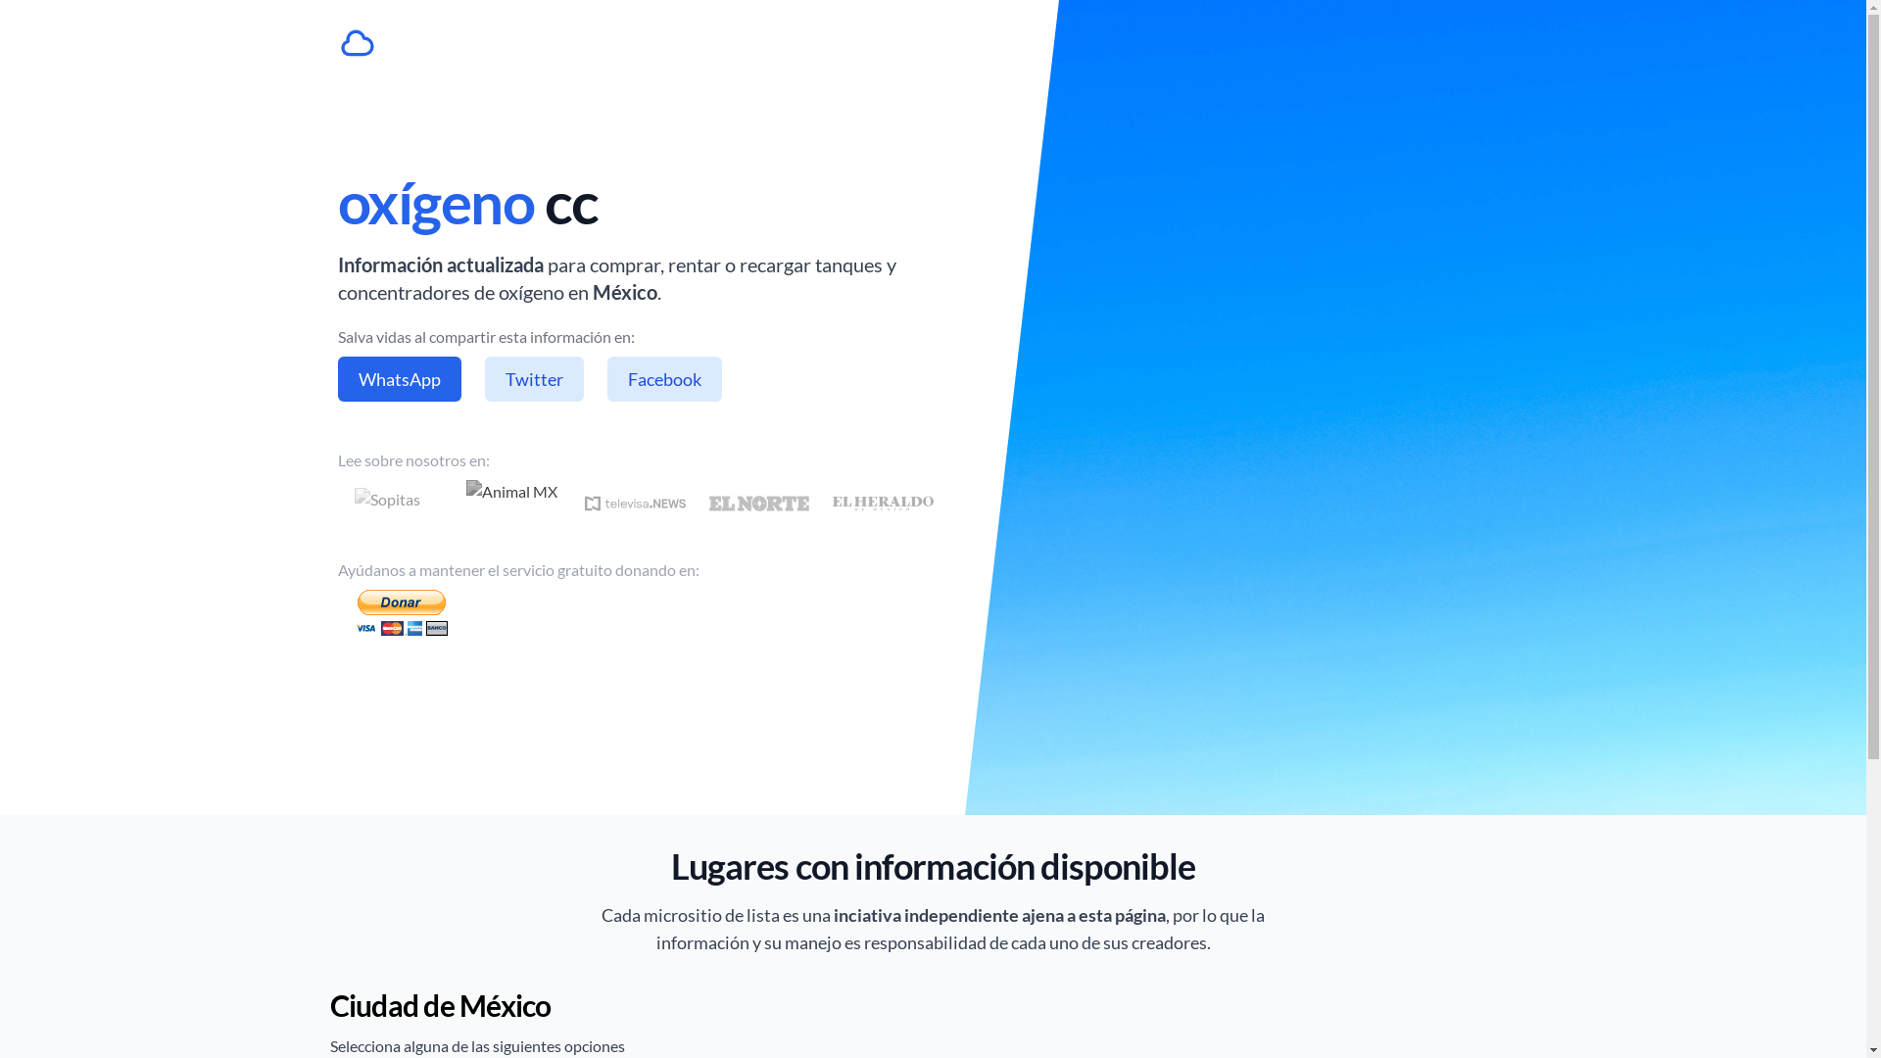  I want to click on 'Facebook', so click(605, 378).